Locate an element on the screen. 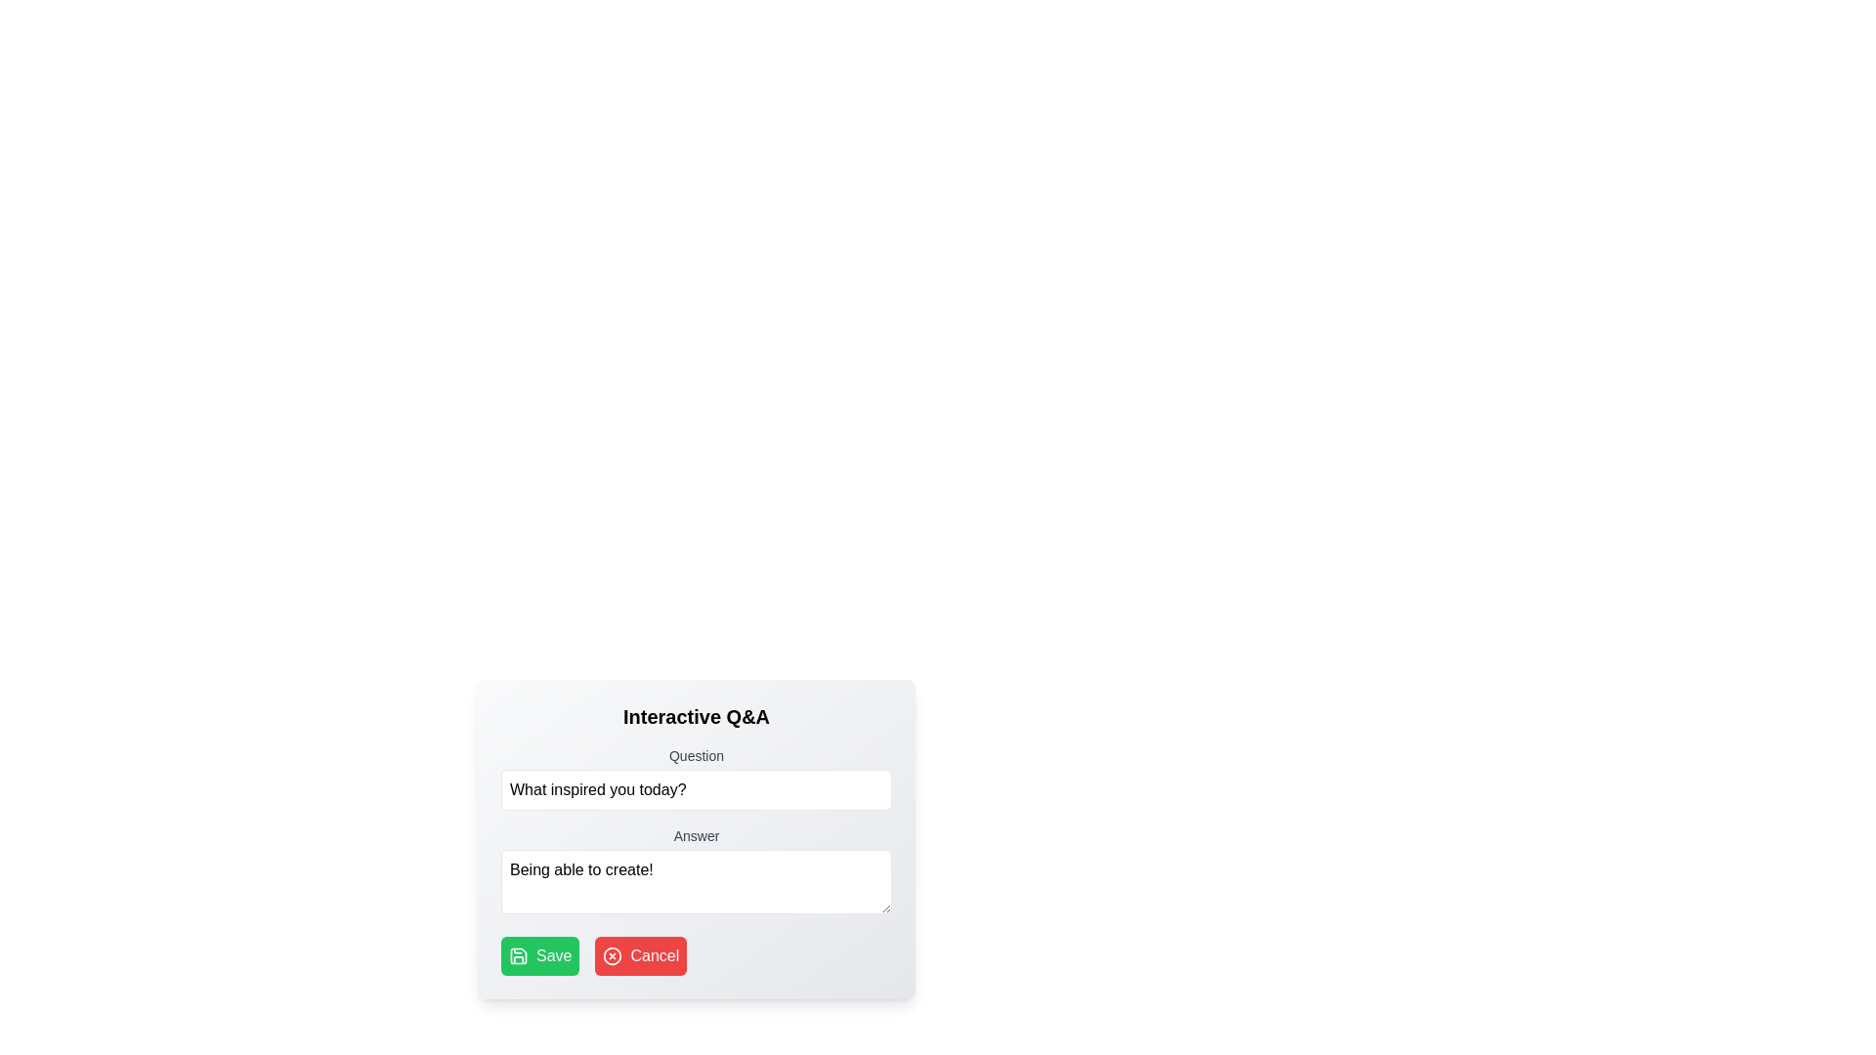 The width and height of the screenshot is (1876, 1055). the green save icon (floppy disk shape) located to the left within the 'Save' button is located at coordinates (519, 955).